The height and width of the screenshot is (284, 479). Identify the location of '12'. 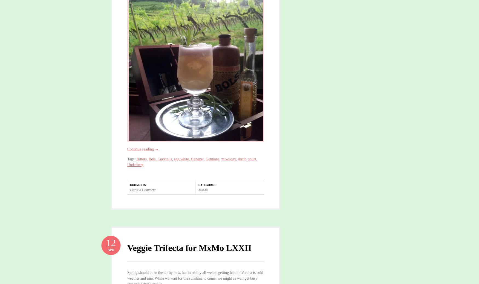
(110, 243).